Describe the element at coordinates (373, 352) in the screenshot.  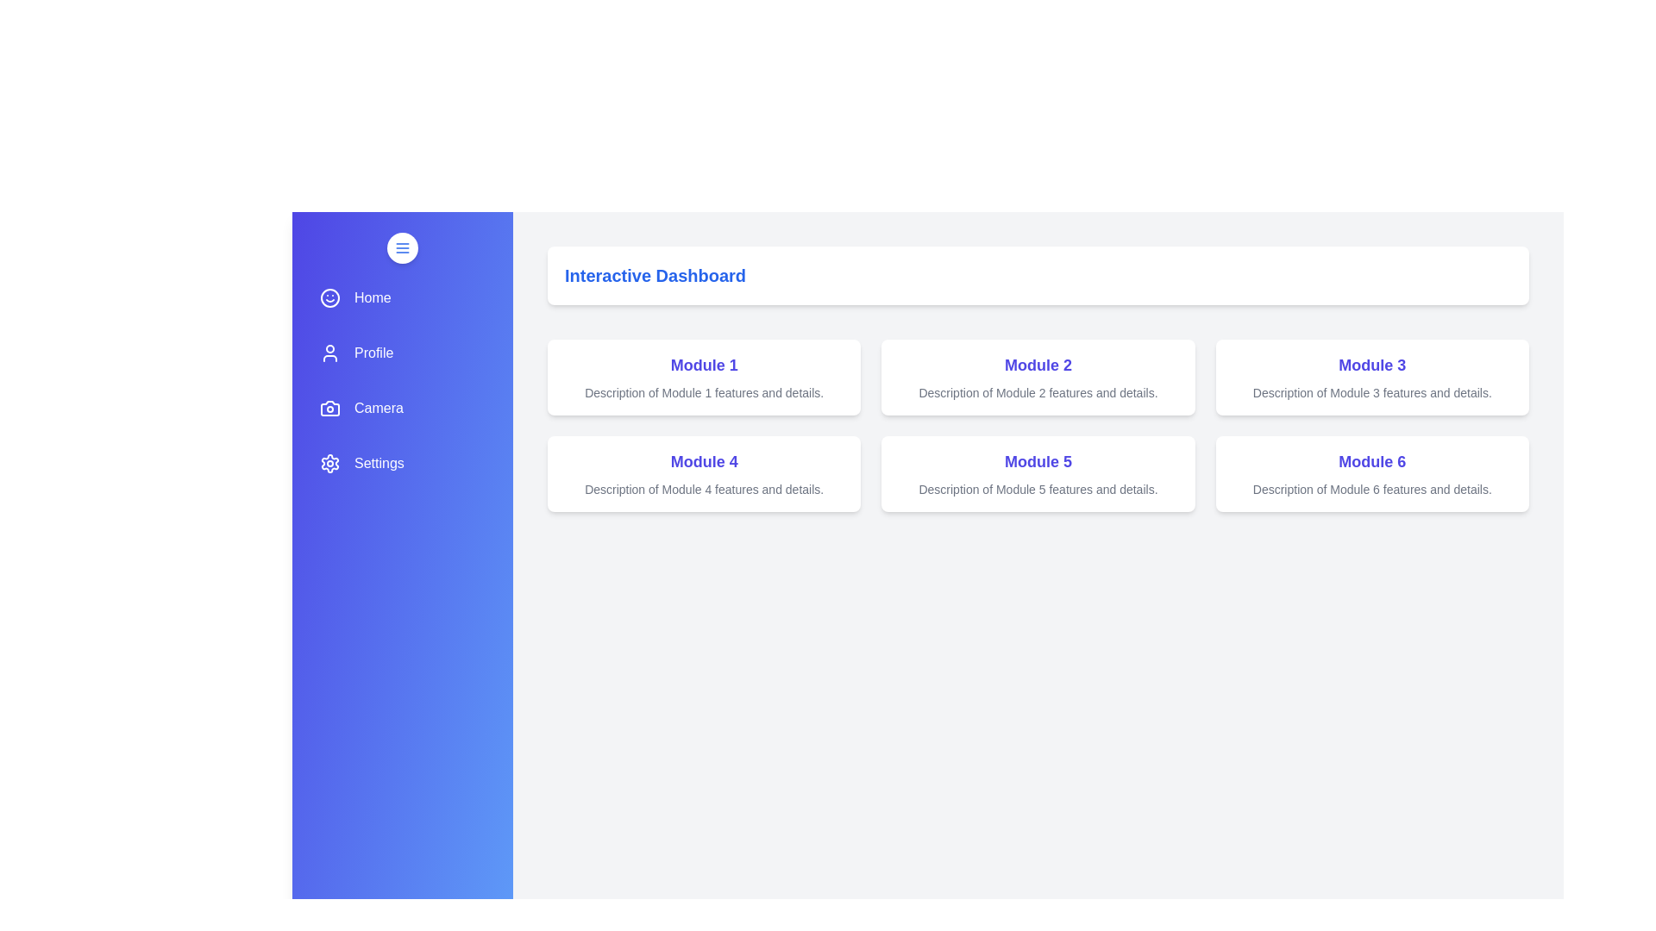
I see `the 'Profile' text label in the sidebar menu` at that location.